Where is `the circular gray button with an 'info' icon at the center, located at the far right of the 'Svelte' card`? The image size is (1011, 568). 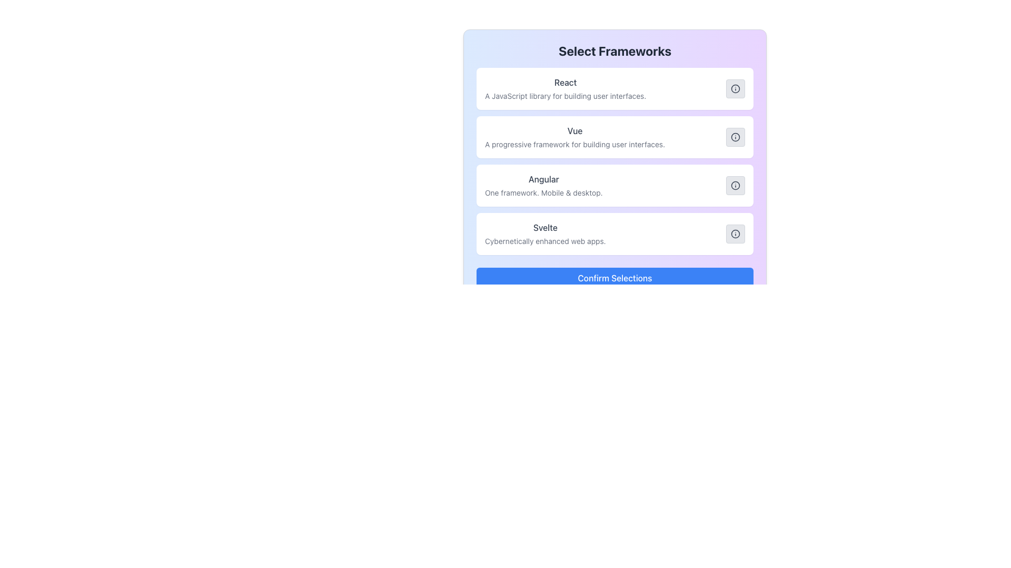 the circular gray button with an 'info' icon at the center, located at the far right of the 'Svelte' card is located at coordinates (735, 233).